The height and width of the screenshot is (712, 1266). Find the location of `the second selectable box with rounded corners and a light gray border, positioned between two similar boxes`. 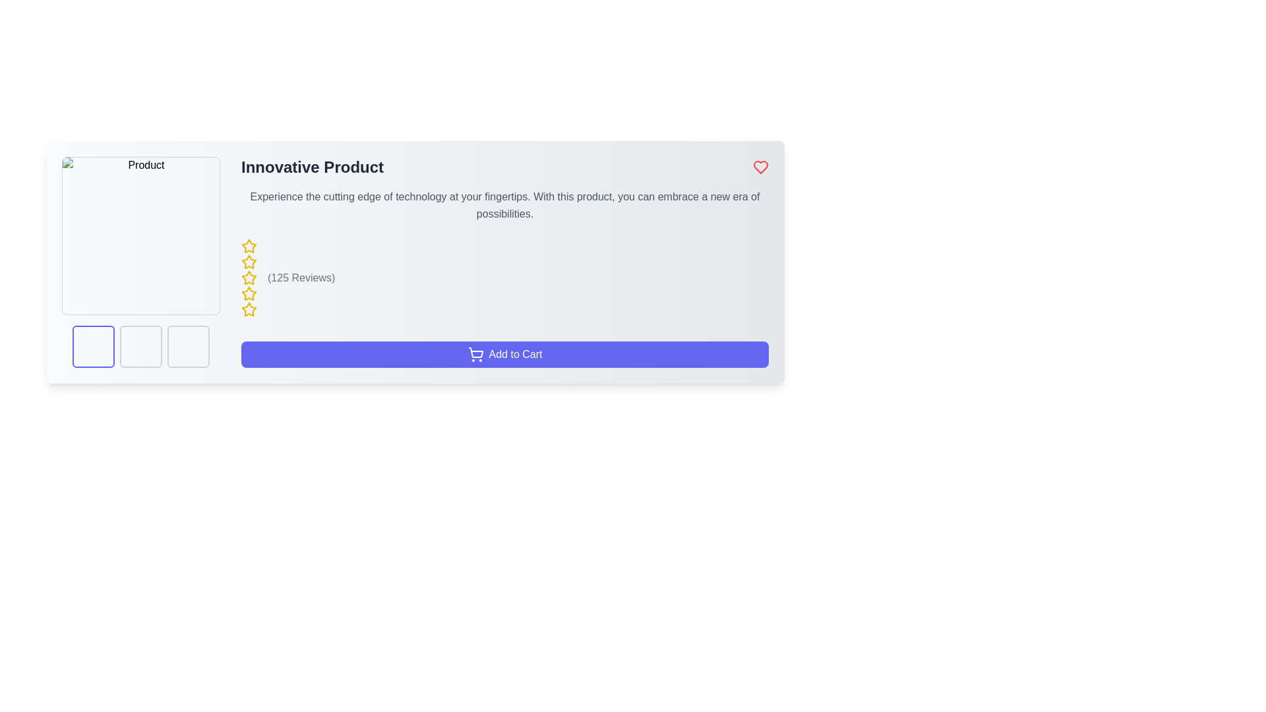

the second selectable box with rounded corners and a light gray border, positioned between two similar boxes is located at coordinates (141, 345).